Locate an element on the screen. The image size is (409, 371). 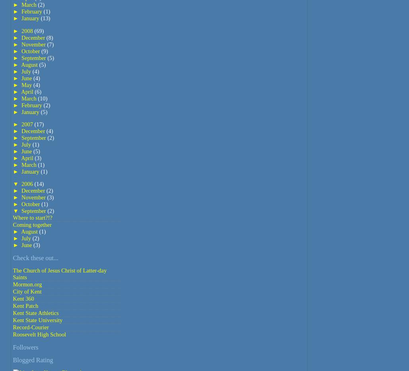
'Kent 360' is located at coordinates (23, 298).